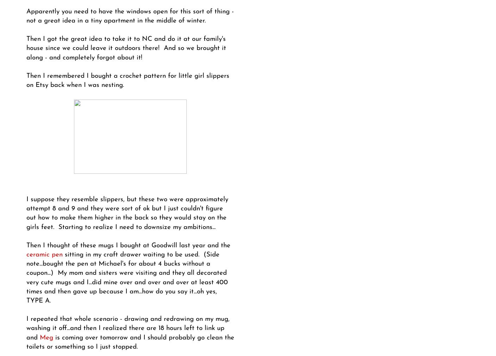  I want to click on 'ceramic pen', so click(44, 255).